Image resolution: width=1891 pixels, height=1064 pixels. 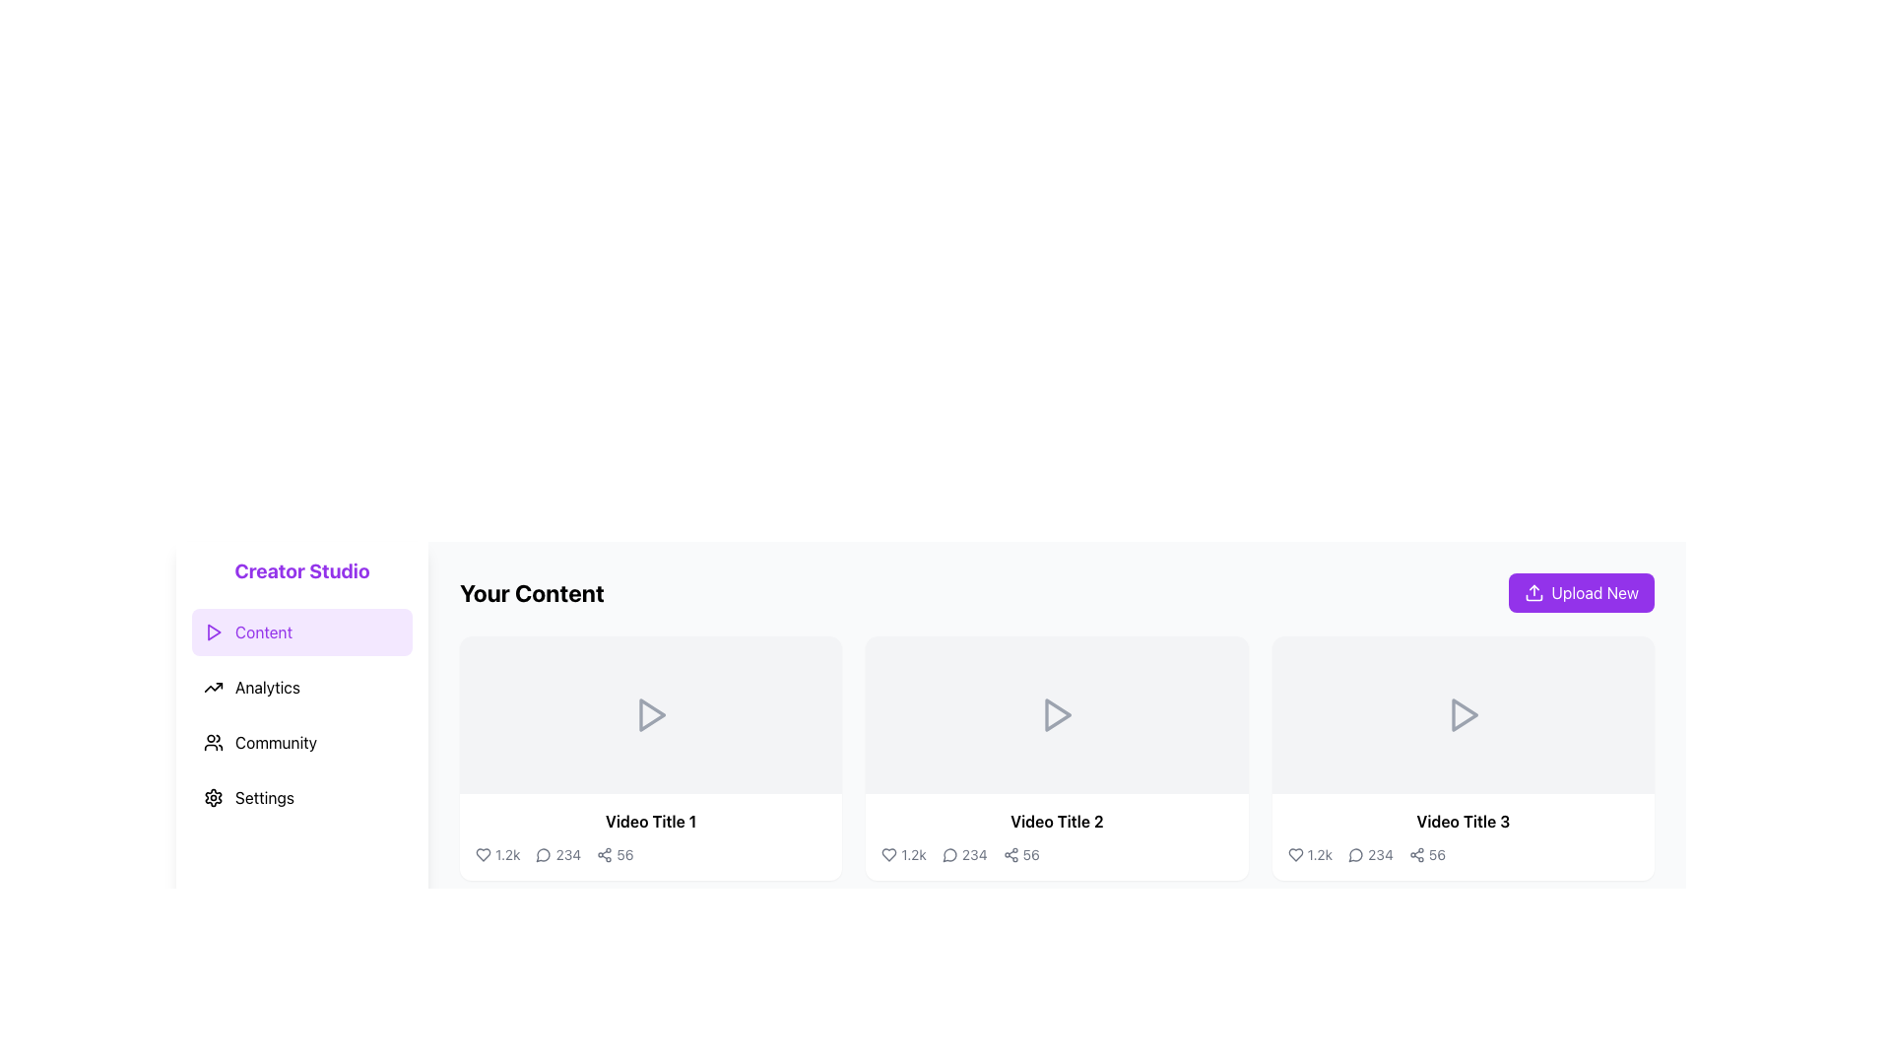 What do you see at coordinates (1465, 714) in the screenshot?
I see `the triangular play icon with a gray outline located in the third video card labeled 'Video Title 3' in the 'Your Content' section` at bounding box center [1465, 714].